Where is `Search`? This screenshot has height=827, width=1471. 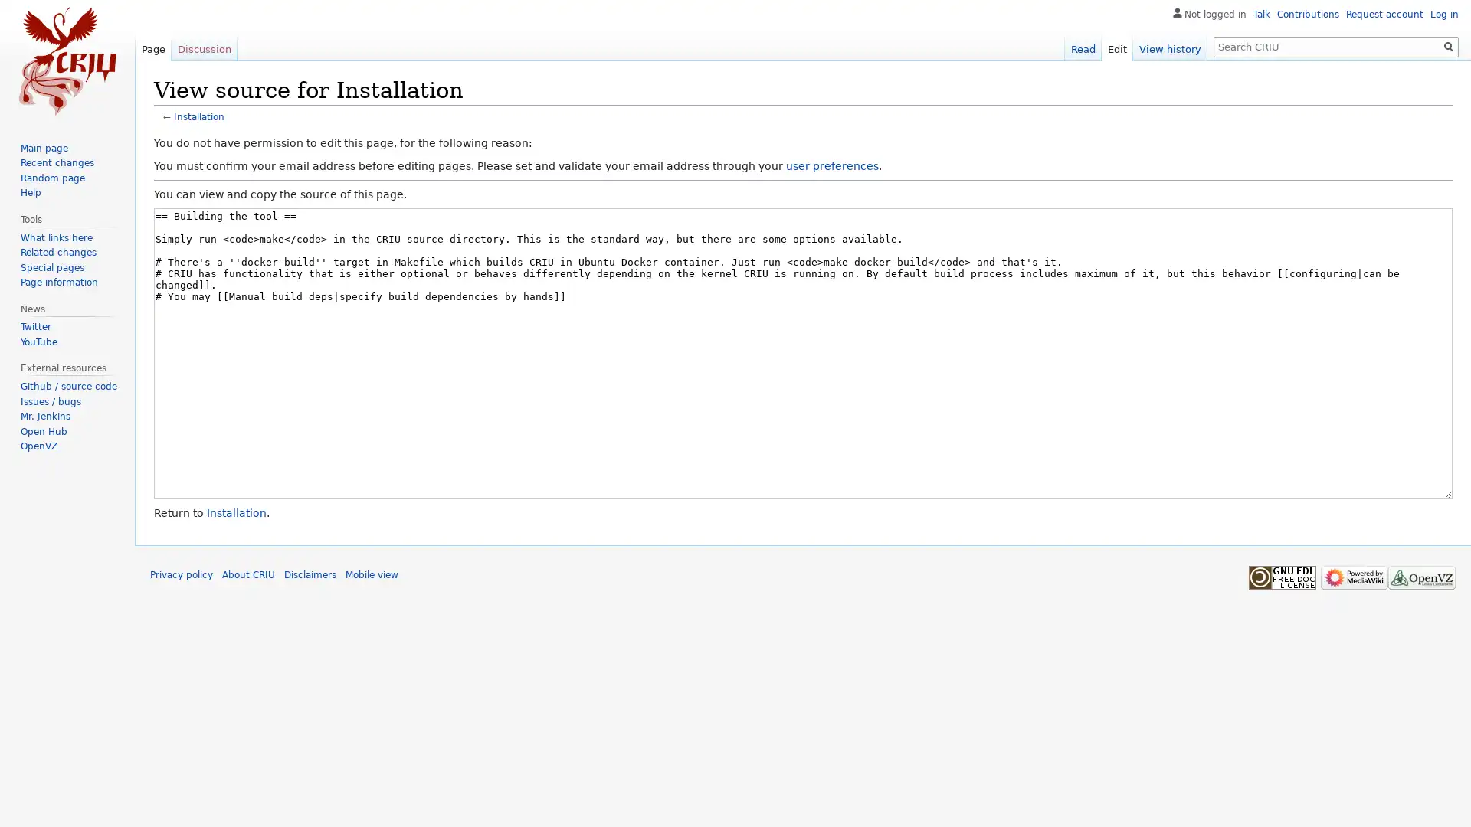
Search is located at coordinates (1448, 46).